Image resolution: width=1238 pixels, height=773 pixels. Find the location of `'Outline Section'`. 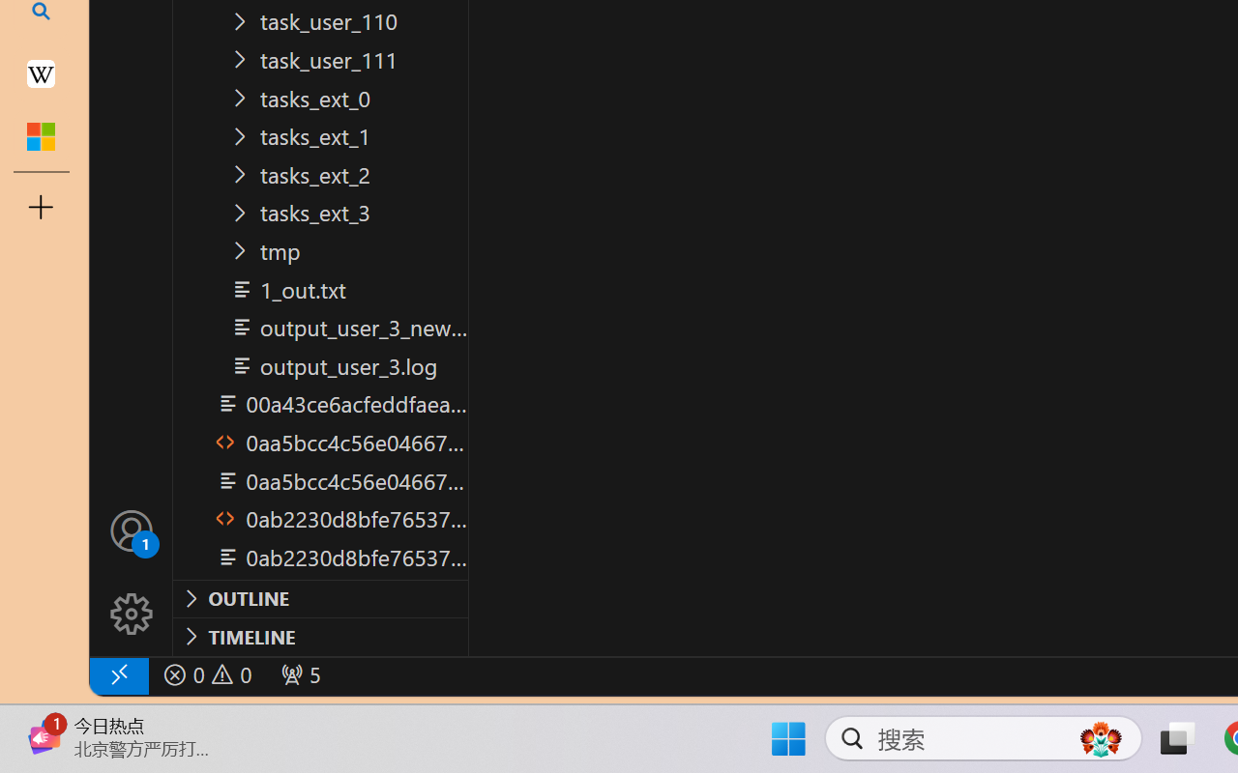

'Outline Section' is located at coordinates (320, 598).